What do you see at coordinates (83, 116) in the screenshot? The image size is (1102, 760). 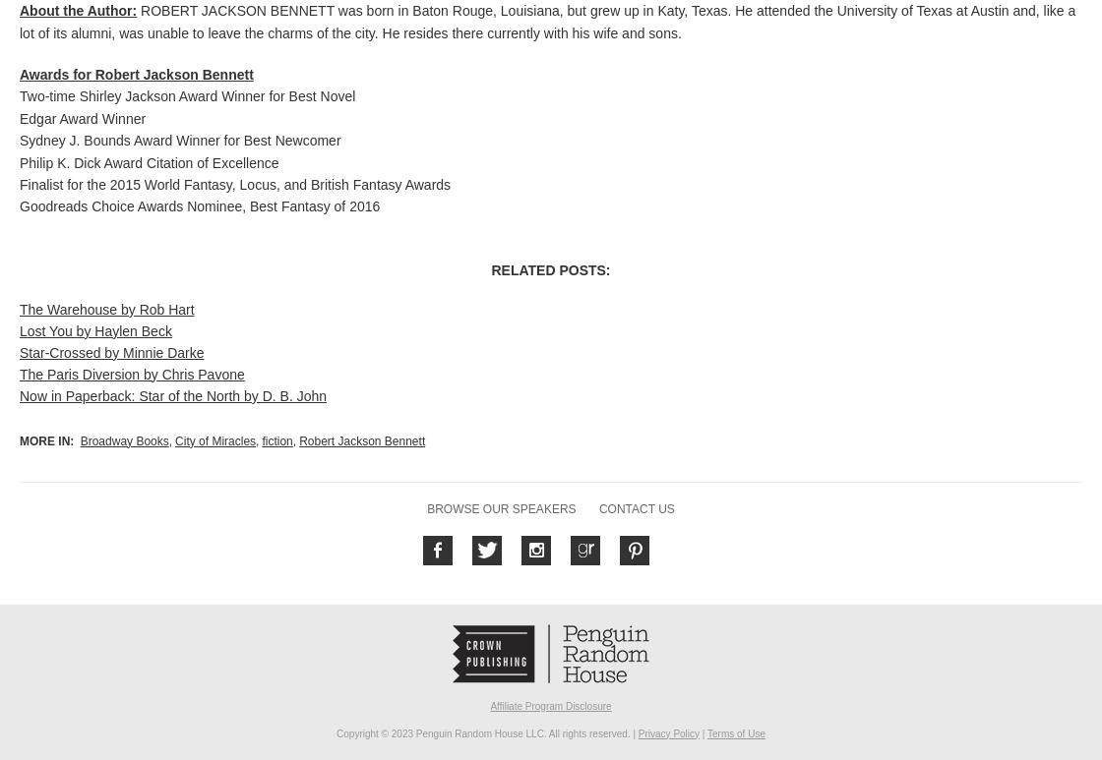 I see `'Edgar Award Winner'` at bounding box center [83, 116].